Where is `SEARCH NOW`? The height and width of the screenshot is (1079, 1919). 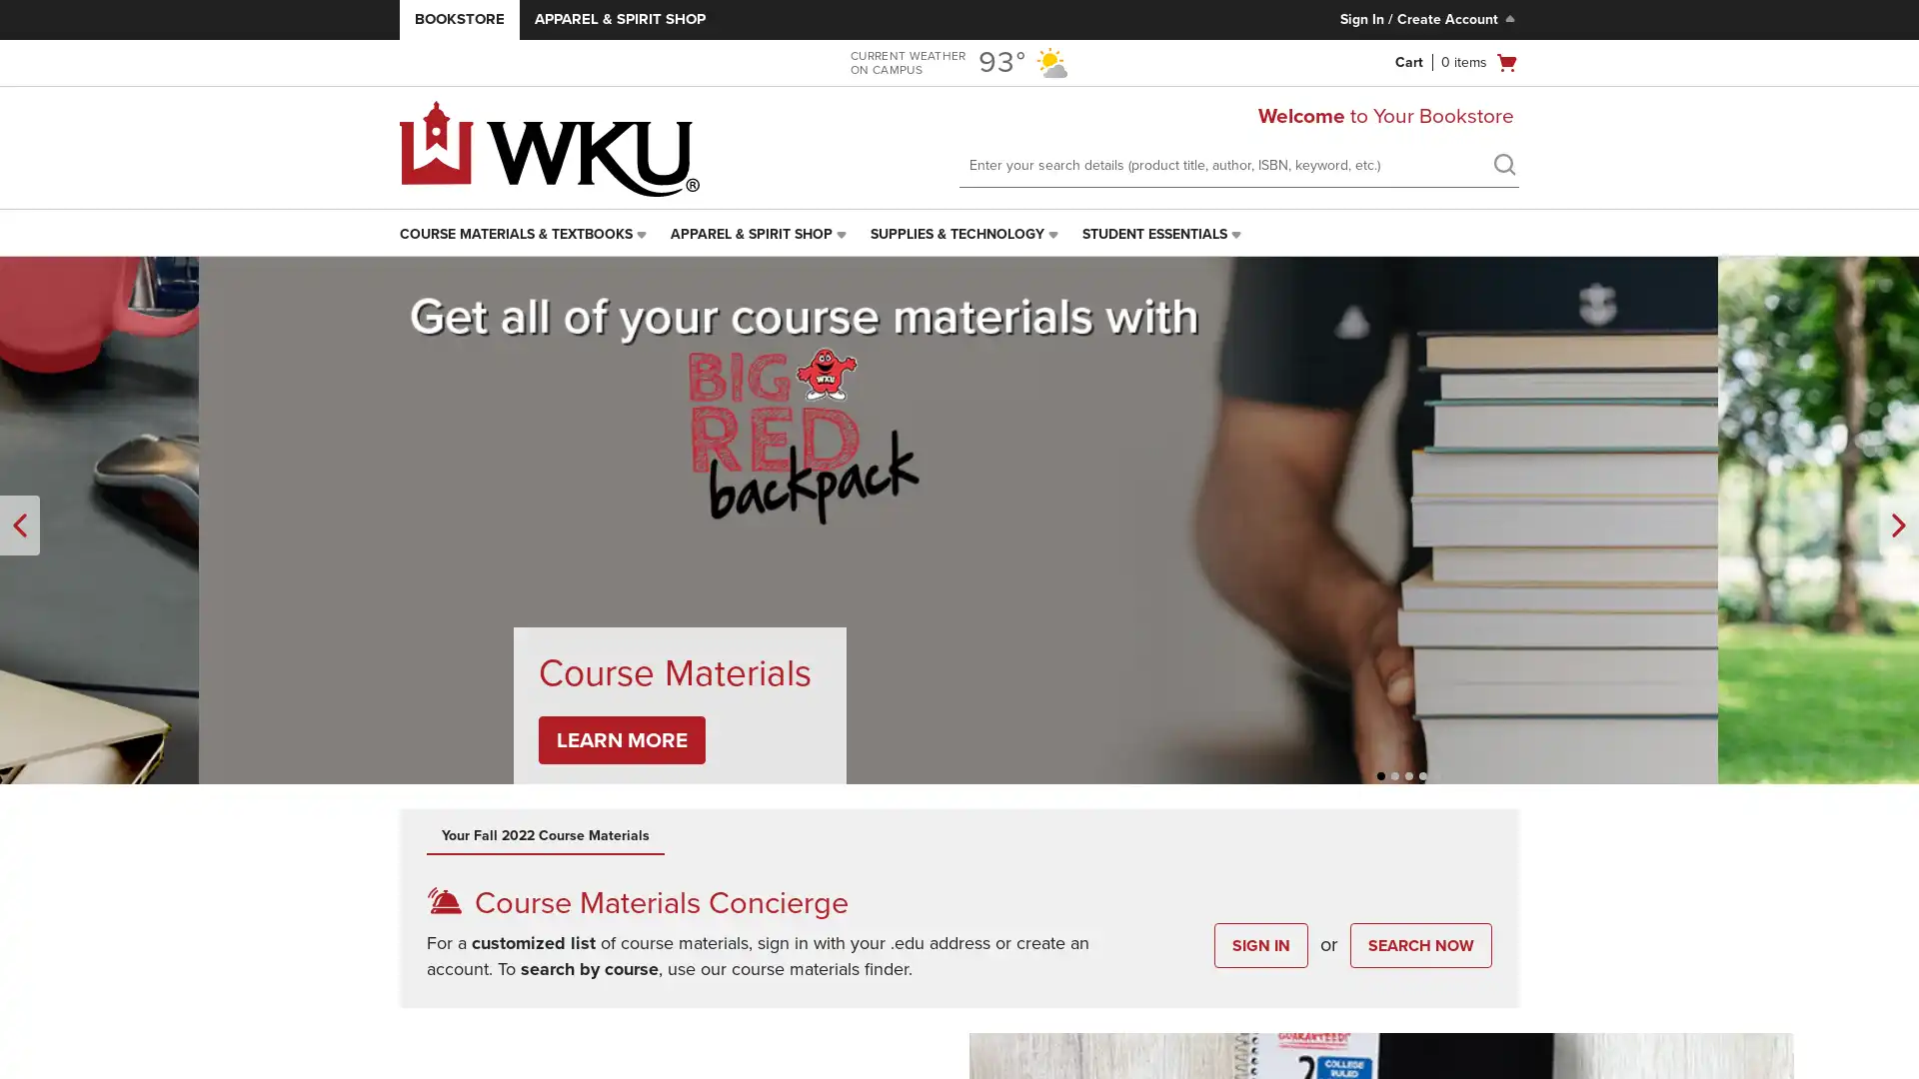
SEARCH NOW is located at coordinates (1419, 944).